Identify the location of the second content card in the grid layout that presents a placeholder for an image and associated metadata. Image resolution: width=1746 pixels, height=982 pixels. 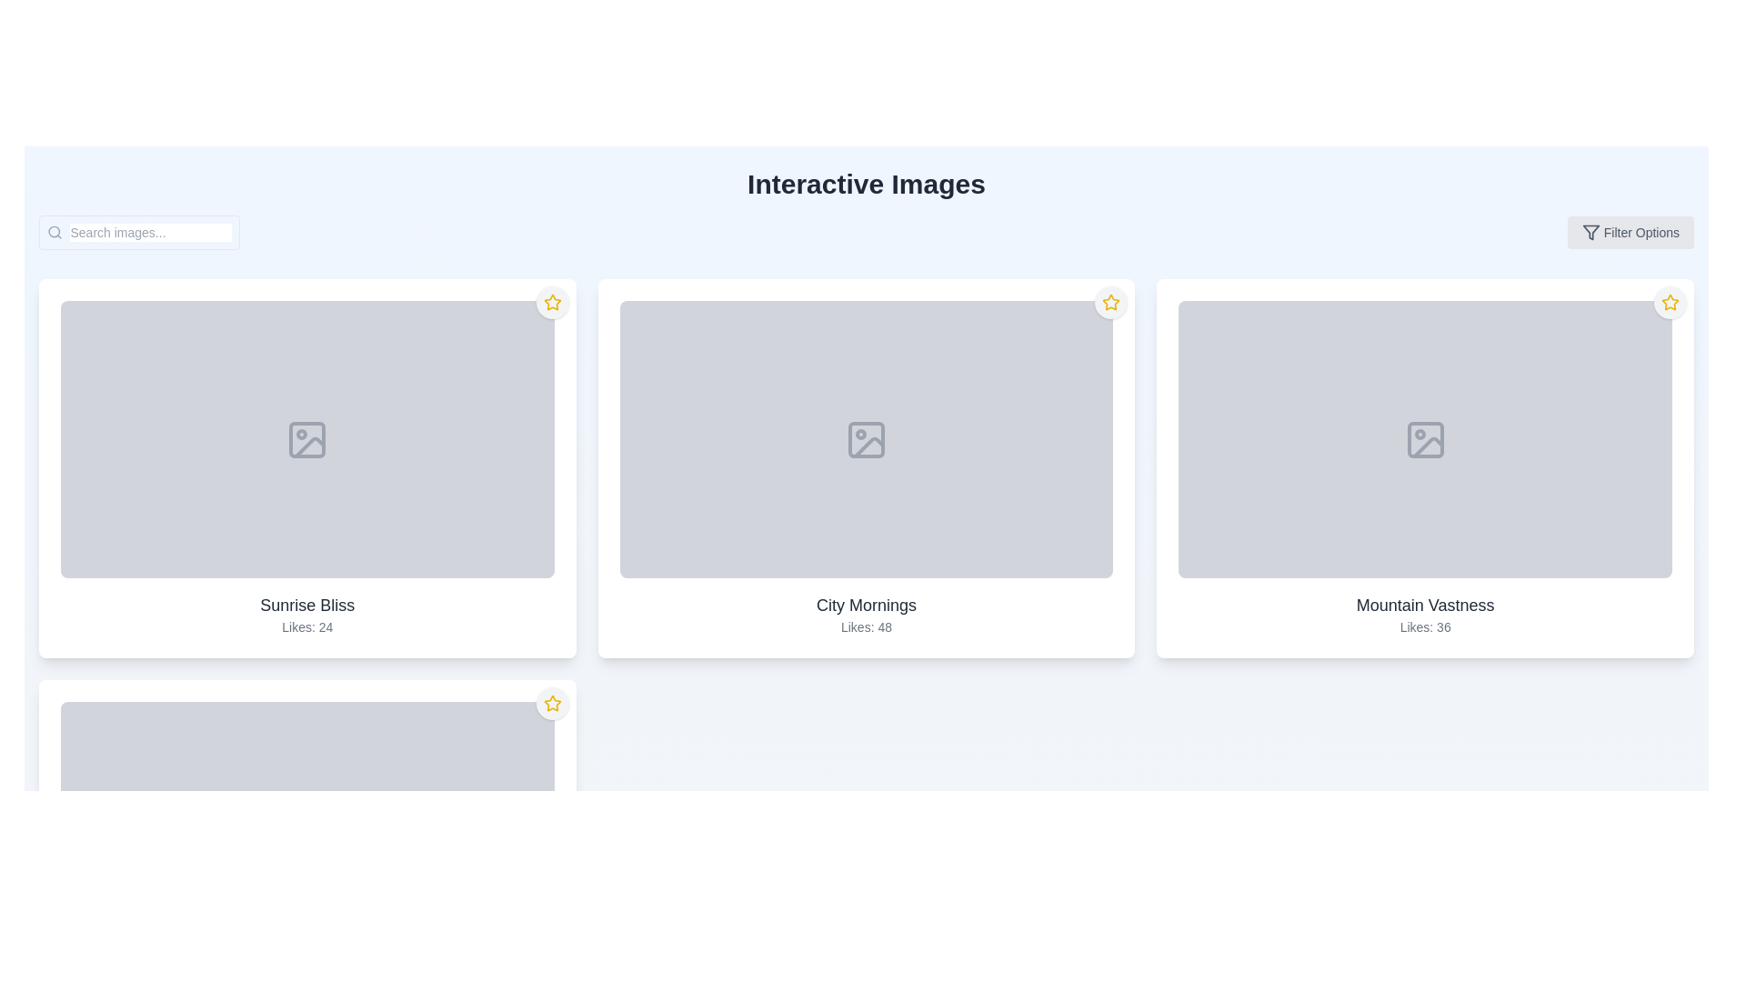
(865, 467).